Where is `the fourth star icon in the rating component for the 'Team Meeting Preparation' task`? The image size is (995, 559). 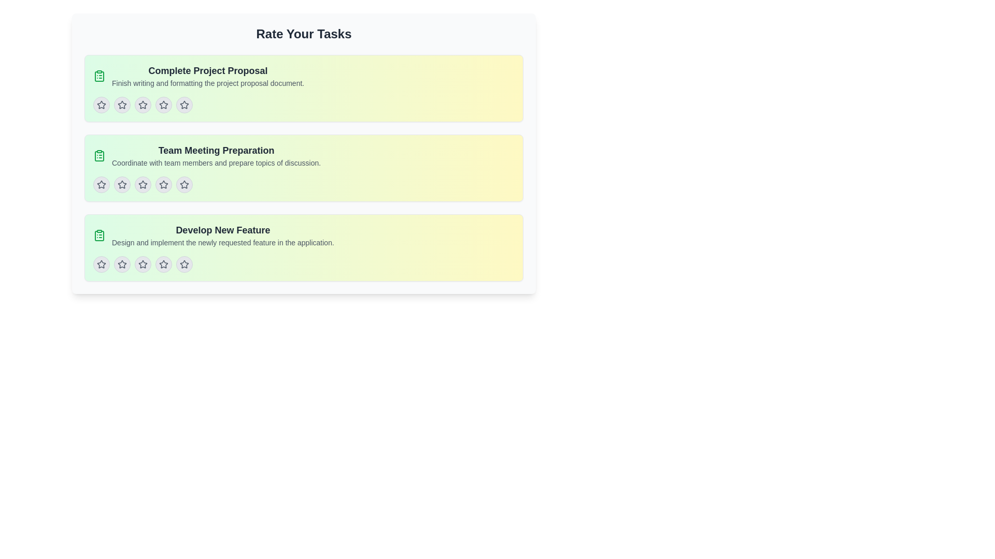
the fourth star icon in the rating component for the 'Team Meeting Preparation' task is located at coordinates (163, 184).